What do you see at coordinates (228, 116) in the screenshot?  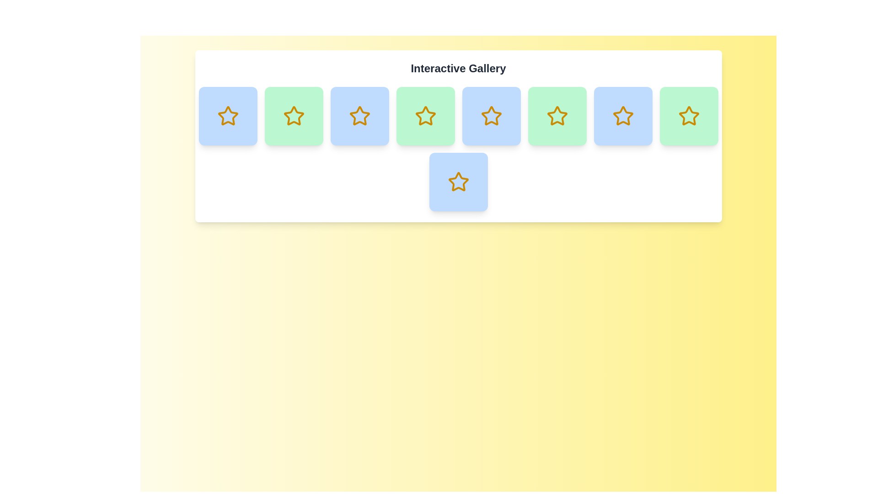 I see `the interactive light blue box containing a yellow star icon, which is the first element in a horizontally aligned grid` at bounding box center [228, 116].